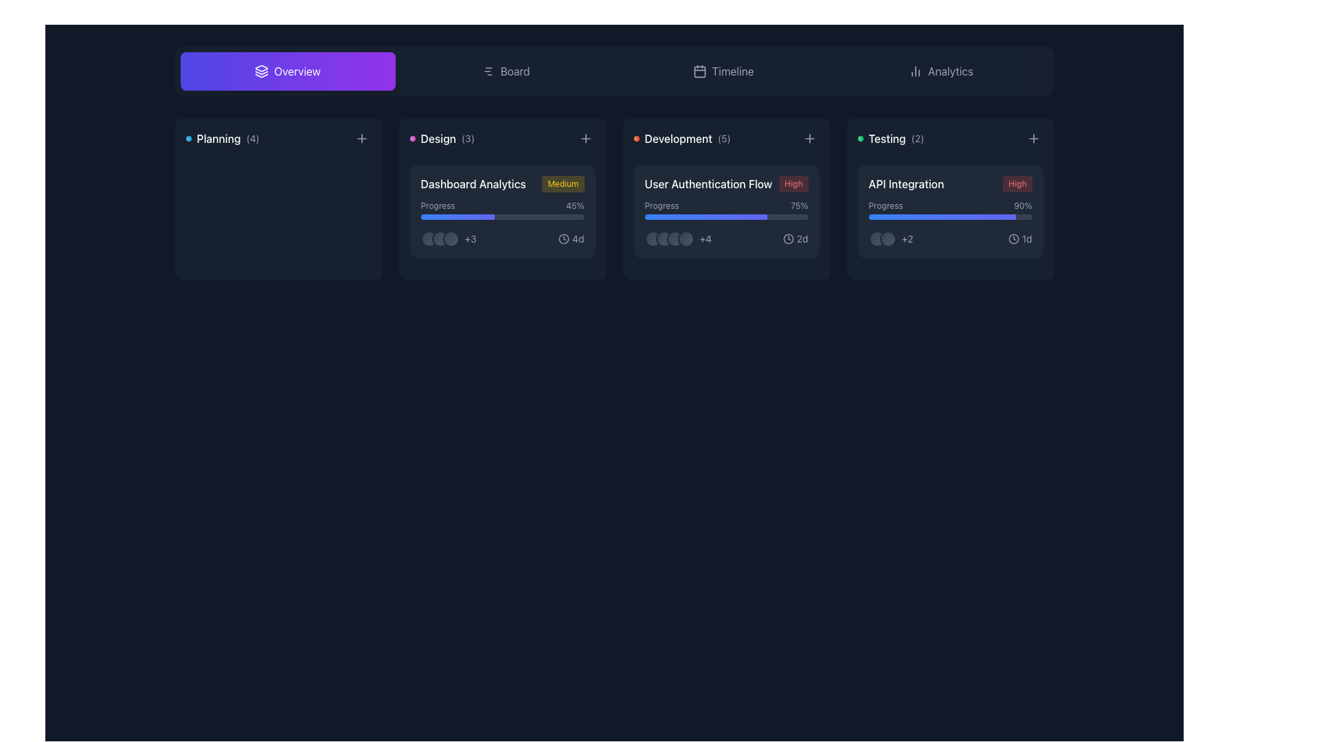  What do you see at coordinates (686, 238) in the screenshot?
I see `the decorative circular component located within the 'Development' card, which is the fourth circle in a series of four, positioned at the bottom-left area of the card near the label '+4'` at bounding box center [686, 238].